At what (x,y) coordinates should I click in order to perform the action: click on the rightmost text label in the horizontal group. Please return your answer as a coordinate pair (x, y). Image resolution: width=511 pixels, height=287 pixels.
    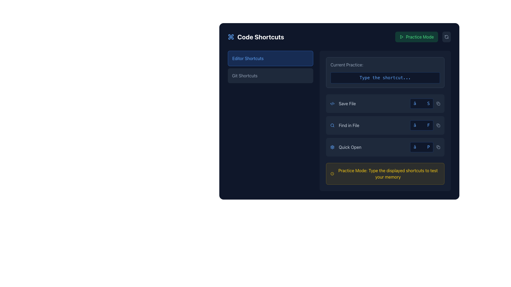
    Looking at the image, I should click on (350, 147).